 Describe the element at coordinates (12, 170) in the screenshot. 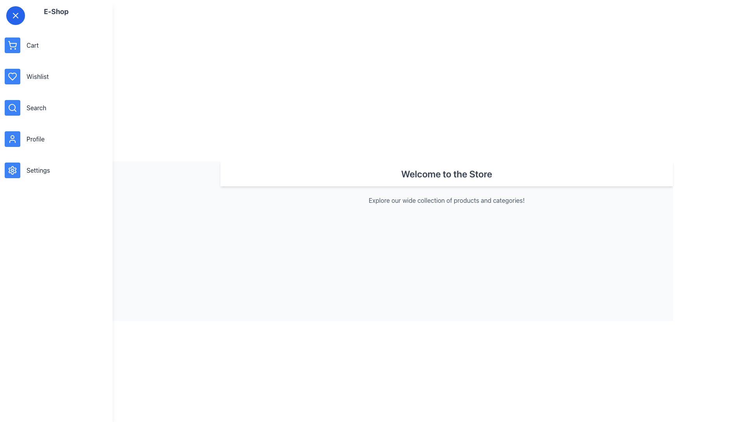

I see `the blue square Icon Button with a white gear icon located in the vertical sidebar menu, positioned to the left of the 'Settings' text label` at that location.